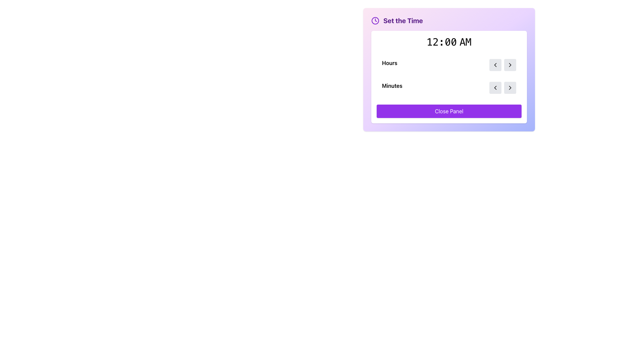  Describe the element at coordinates (510, 65) in the screenshot. I see `the right-pointing chevron icon in the time selection panel to increment the value` at that location.